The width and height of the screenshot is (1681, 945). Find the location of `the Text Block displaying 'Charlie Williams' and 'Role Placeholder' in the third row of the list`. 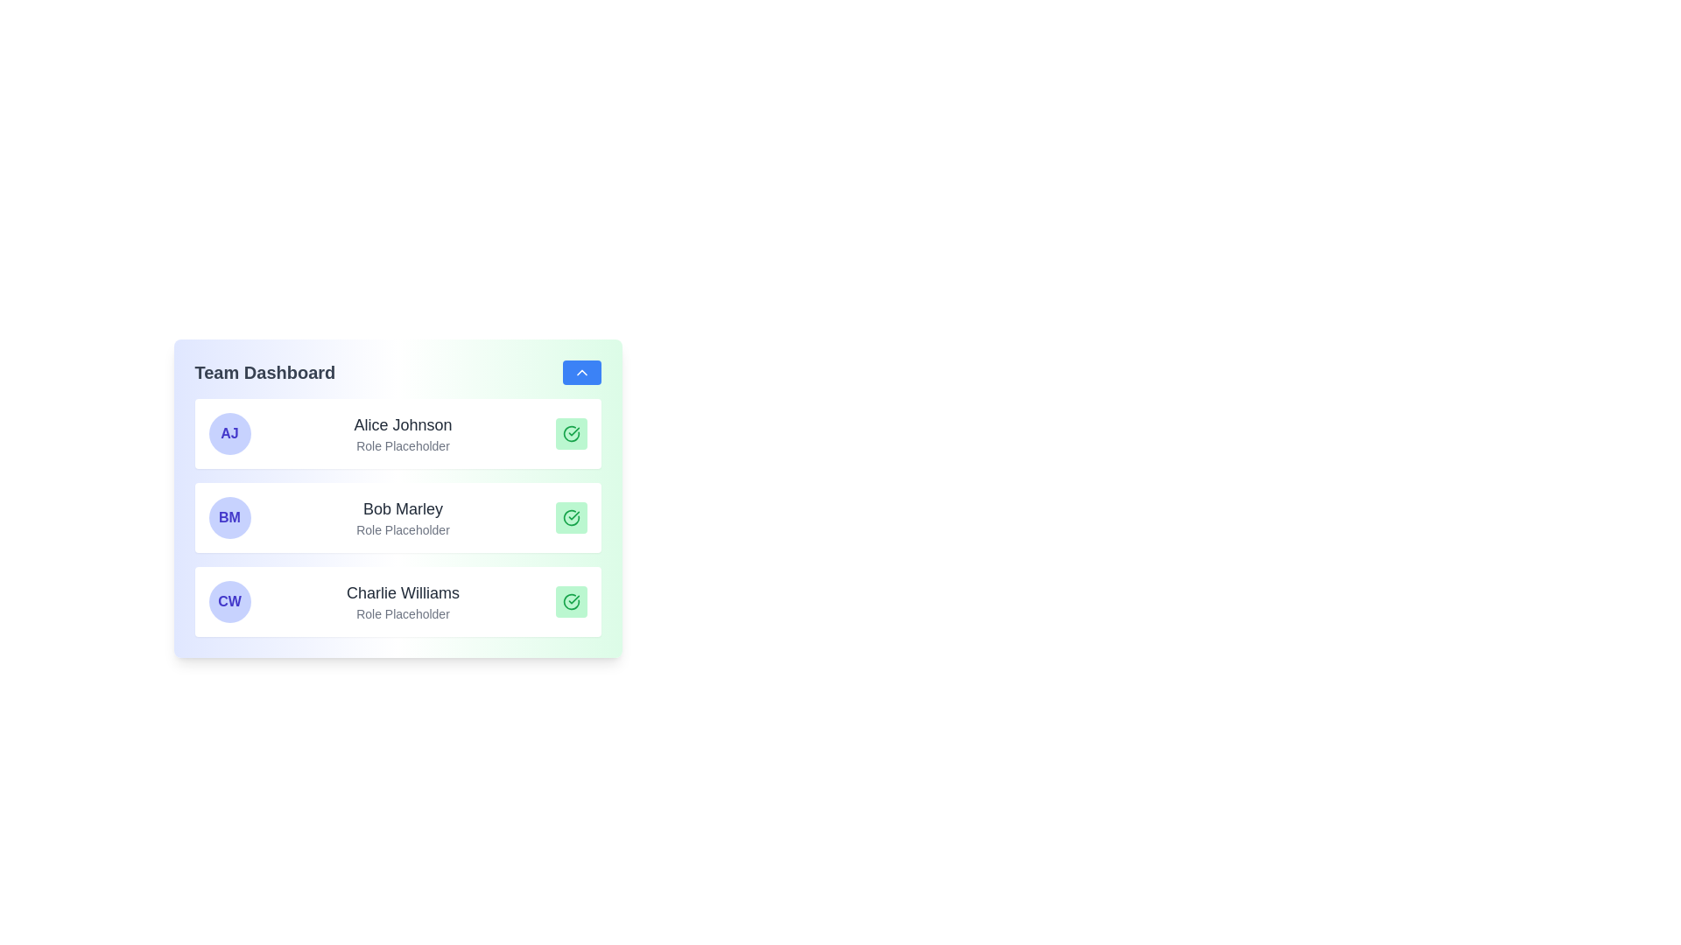

the Text Block displaying 'Charlie Williams' and 'Role Placeholder' in the third row of the list is located at coordinates (402, 600).